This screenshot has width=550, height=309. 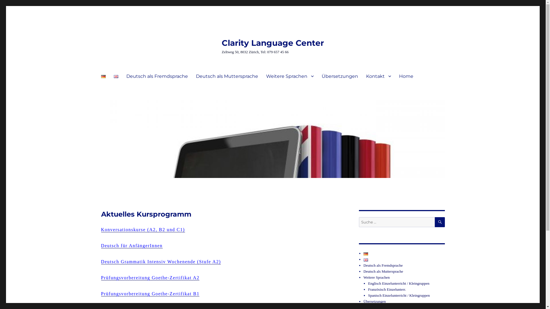 I want to click on 'Spanisch Einzelunterricht / Kleingruppen', so click(x=398, y=295).